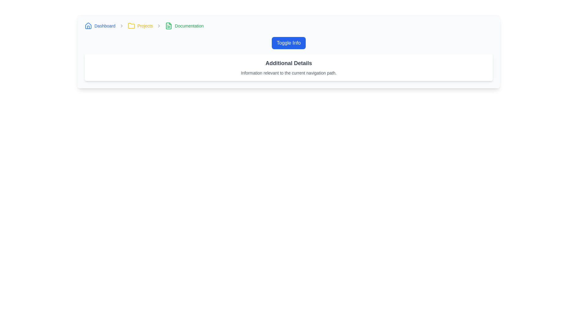 This screenshot has width=587, height=330. I want to click on the navigational hyperlink in the breadcrumb navigation bar, so click(105, 25).